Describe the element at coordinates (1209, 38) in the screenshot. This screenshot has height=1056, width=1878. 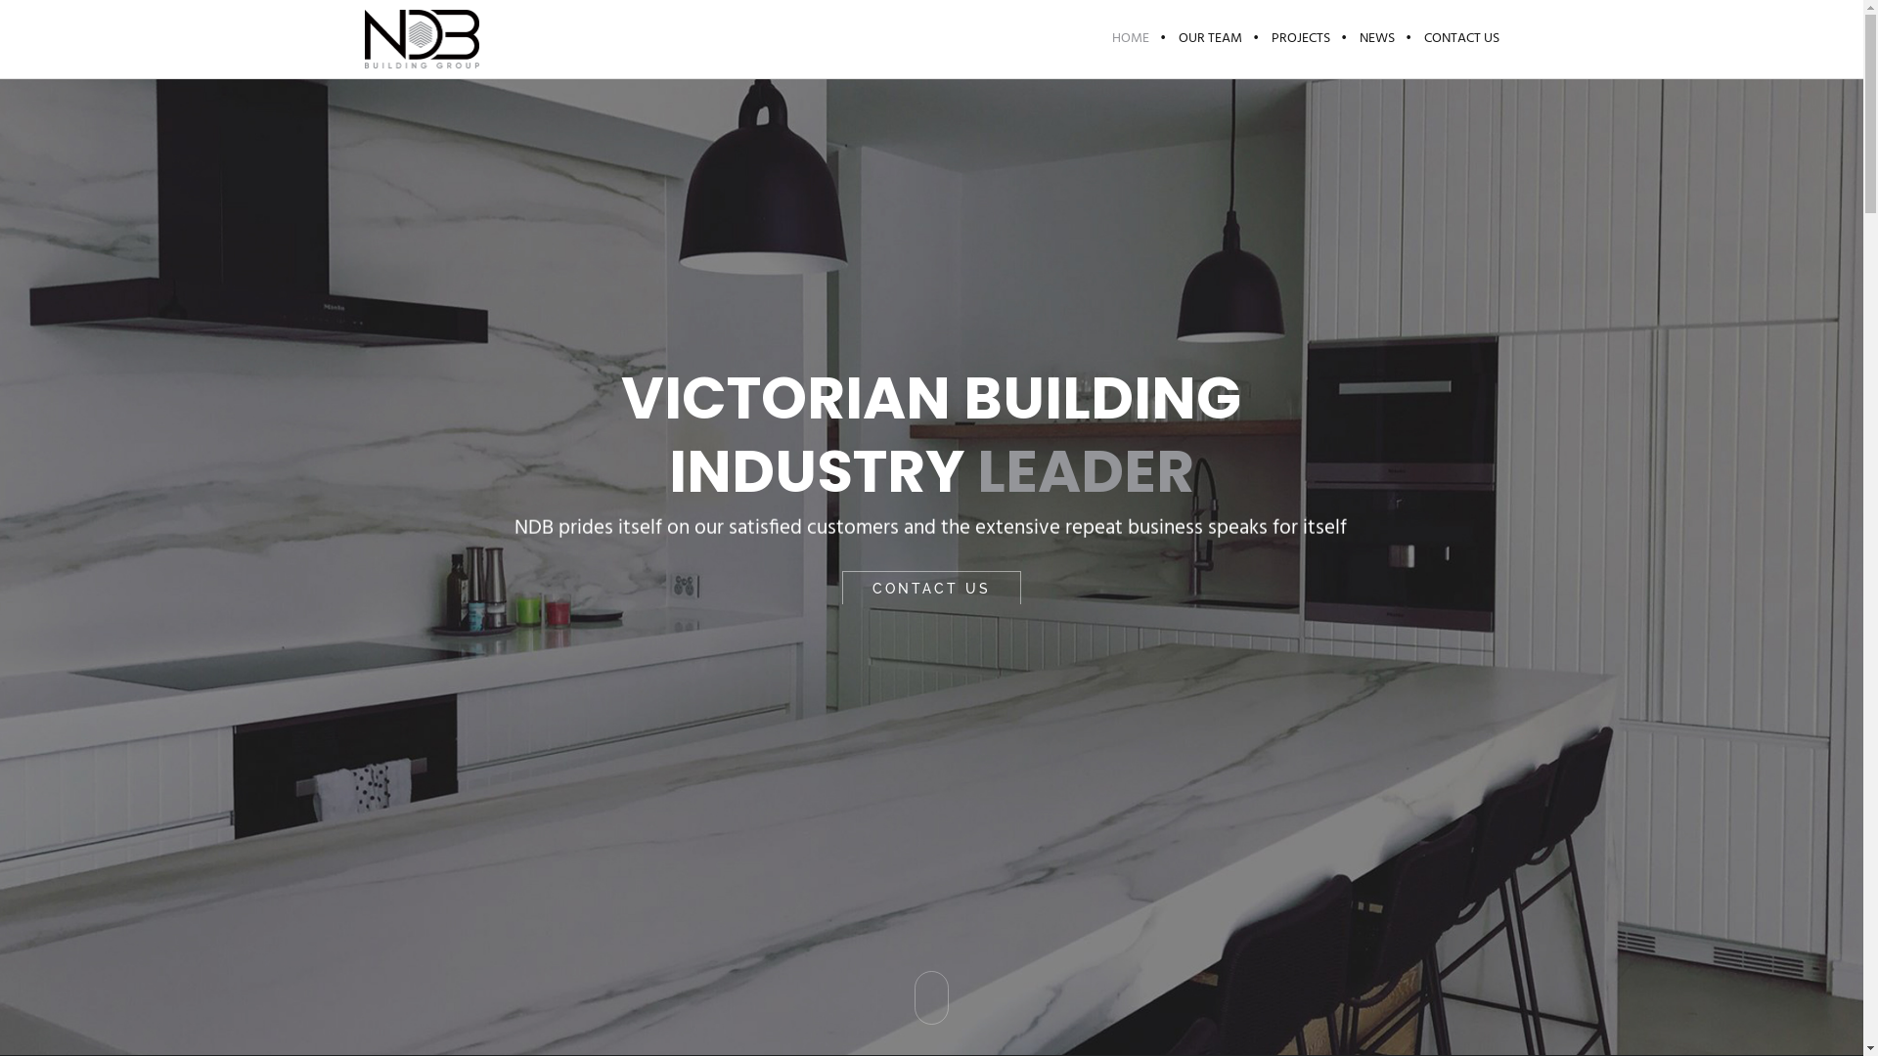
I see `'OUR TEAM'` at that location.